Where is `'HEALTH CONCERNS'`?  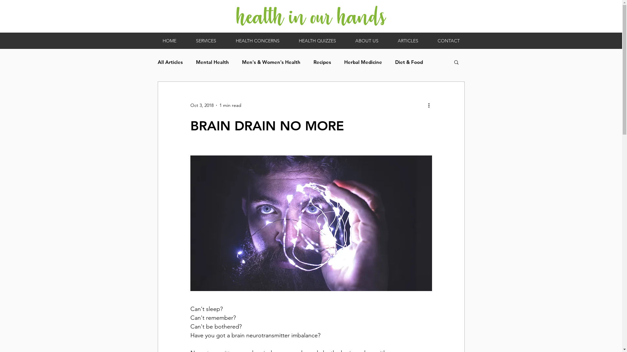 'HEALTH CONCERNS' is located at coordinates (257, 40).